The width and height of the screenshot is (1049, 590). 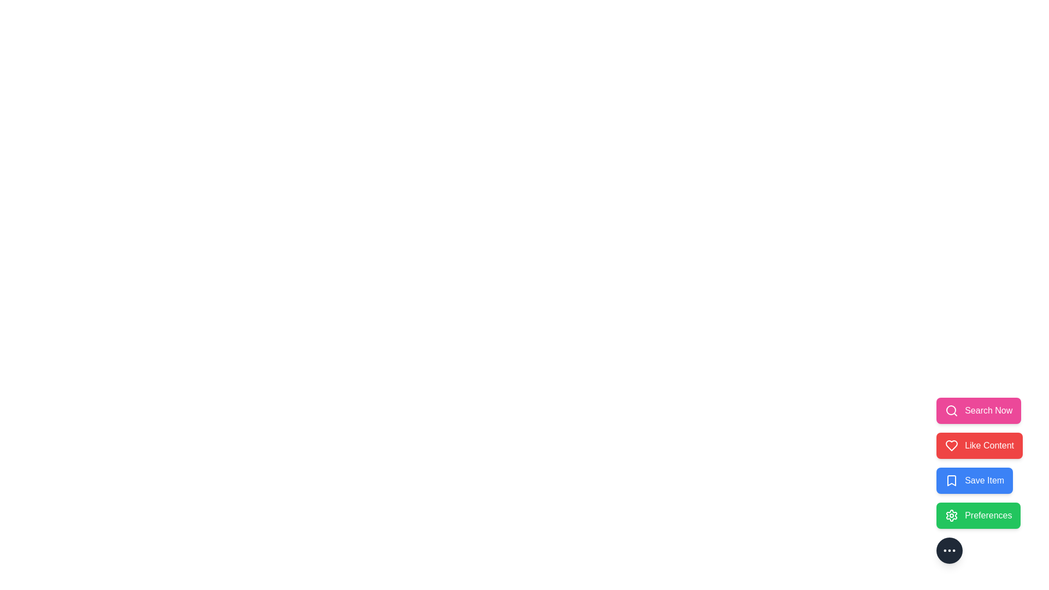 What do you see at coordinates (980, 446) in the screenshot?
I see `the action Like Content from the menu` at bounding box center [980, 446].